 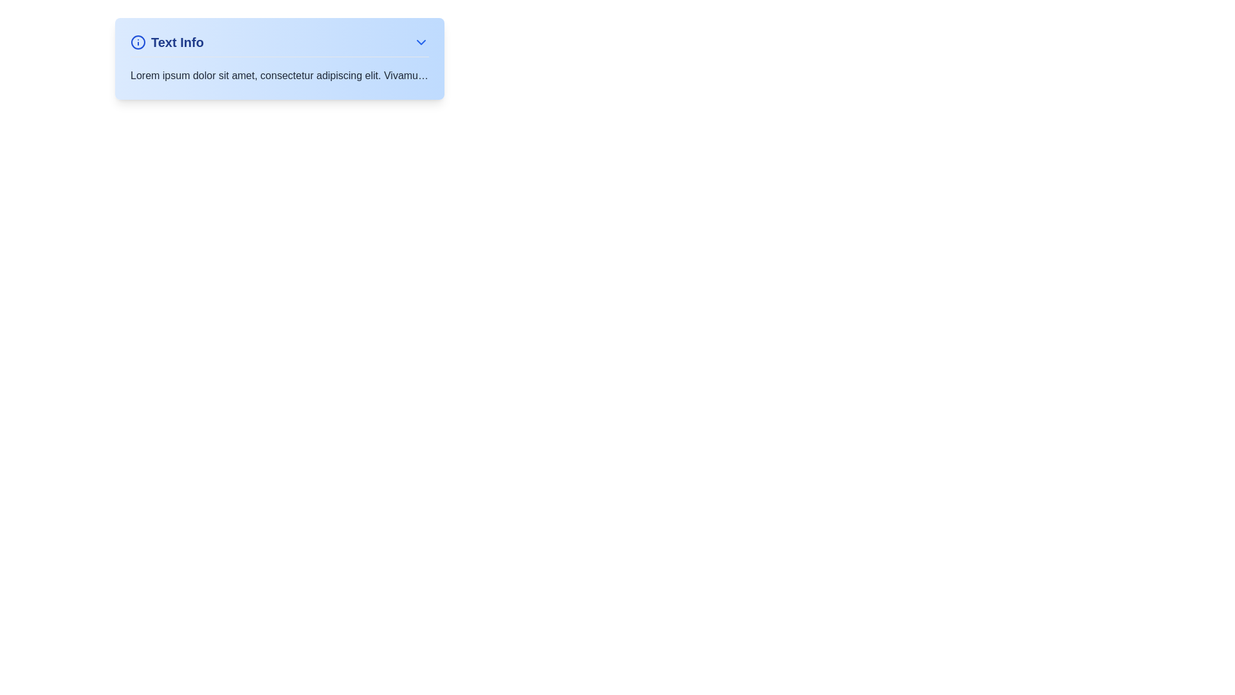 What do you see at coordinates (176, 41) in the screenshot?
I see `text from the static text element displaying 'Text Info', which is styled in bold blue font and located to the right of a blue circular icon` at bounding box center [176, 41].